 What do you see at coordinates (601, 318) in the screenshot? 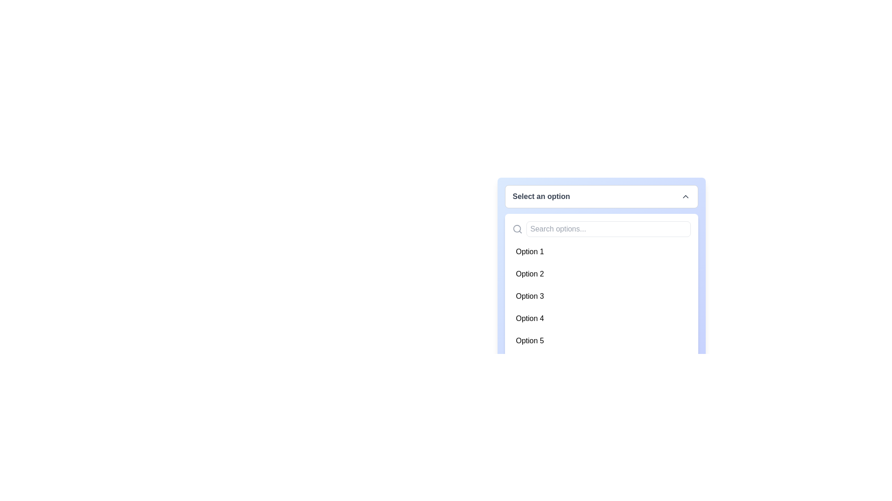
I see `the fourth item in the dropdown menu` at bounding box center [601, 318].